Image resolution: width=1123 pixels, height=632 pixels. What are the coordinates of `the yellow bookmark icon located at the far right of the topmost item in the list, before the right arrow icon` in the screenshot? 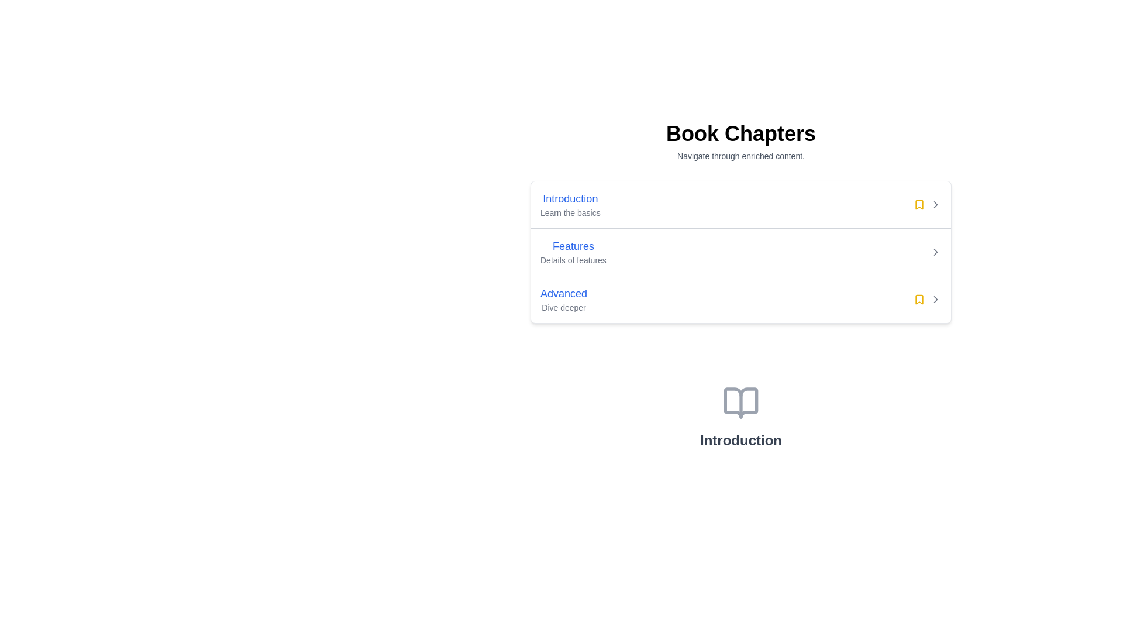 It's located at (918, 299).